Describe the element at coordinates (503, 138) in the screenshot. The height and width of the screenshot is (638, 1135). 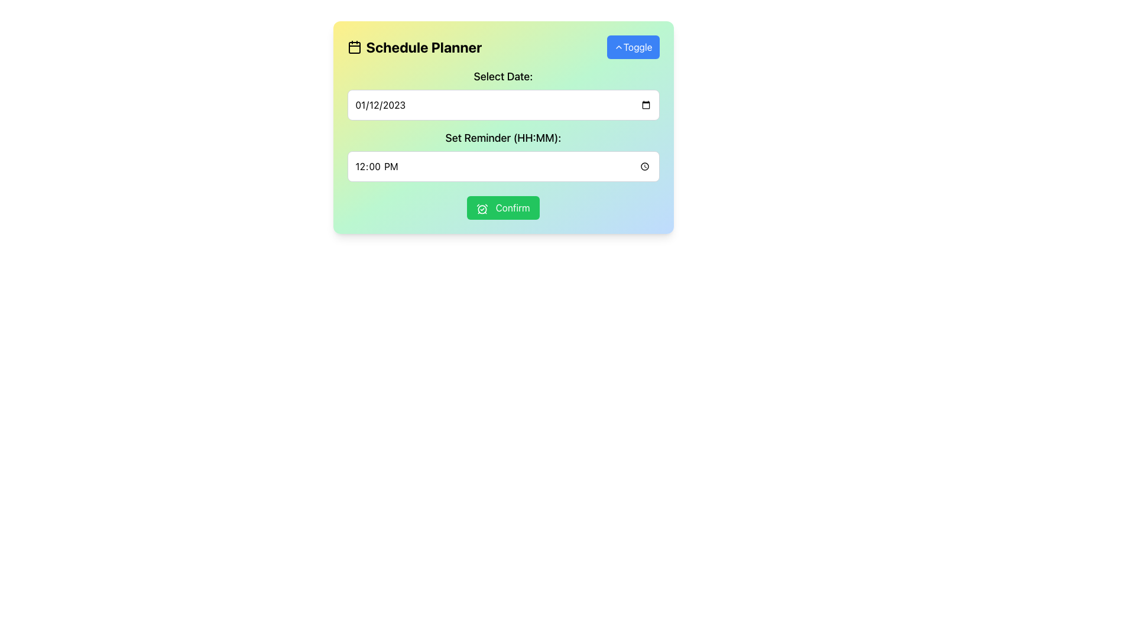
I see `the text label displaying 'Set Reminder (HH:MM):' which is positioned between two input fields in a form-like layout` at that location.